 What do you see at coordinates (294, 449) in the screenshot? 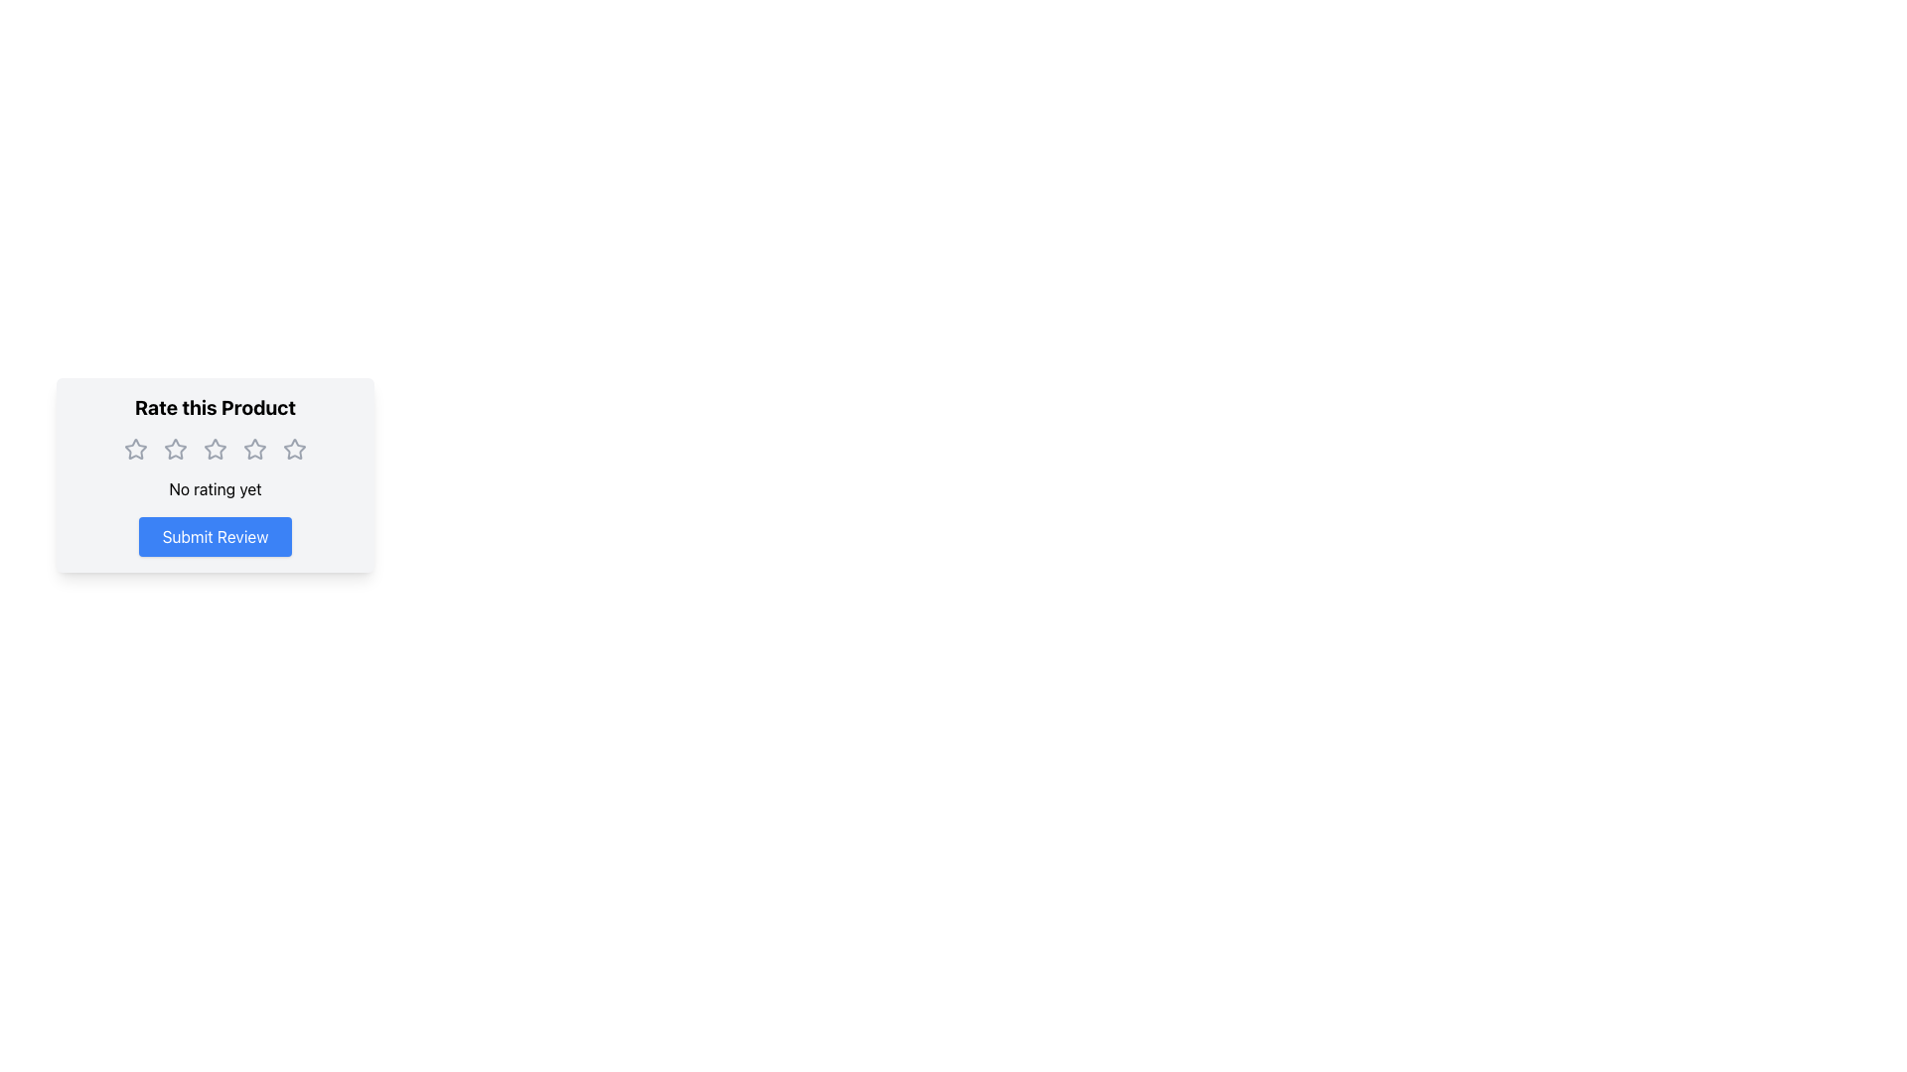
I see `the fifth star icon in the rating system located beneath the 'Rate this Product' text` at bounding box center [294, 449].